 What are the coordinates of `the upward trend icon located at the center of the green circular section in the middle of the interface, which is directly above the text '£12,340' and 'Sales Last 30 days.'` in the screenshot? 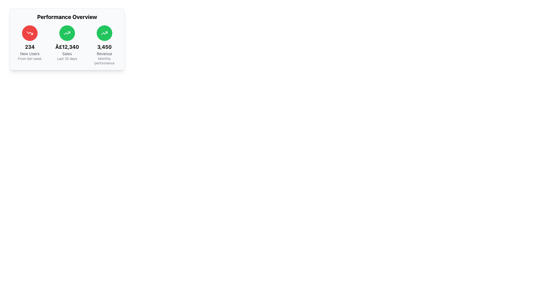 It's located at (67, 33).